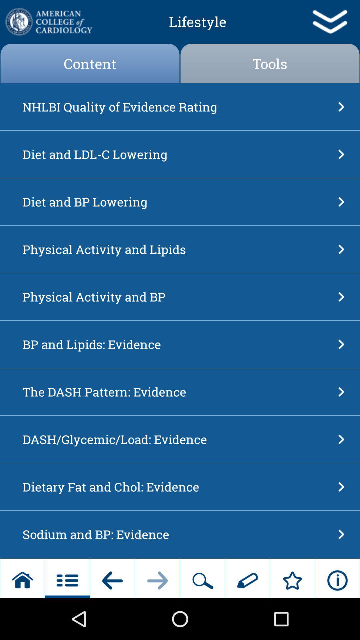 The width and height of the screenshot is (360, 640). Describe the element at coordinates (178, 107) in the screenshot. I see `the nhlbi quality of icon` at that location.